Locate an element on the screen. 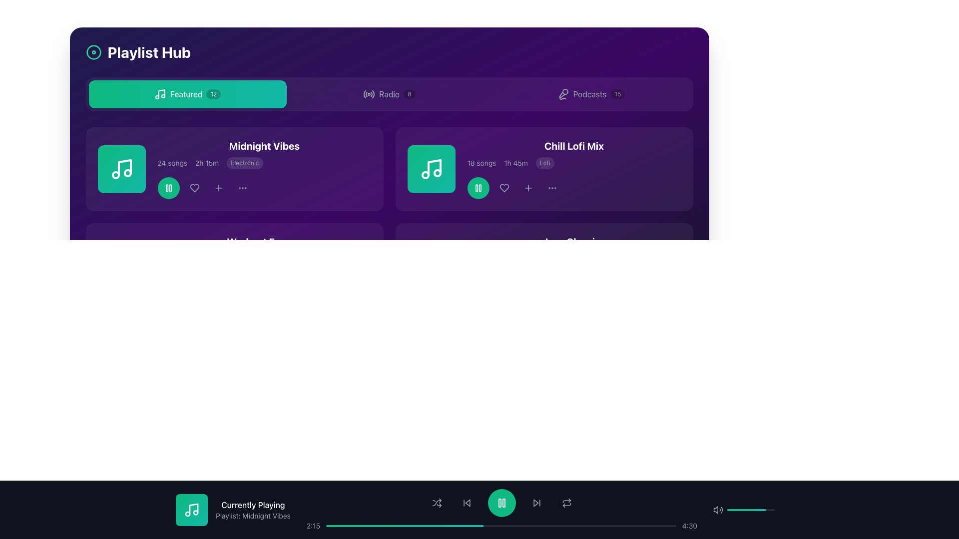 The image size is (959, 539). the text label that serves as the title for the associated playlist or category, positioned centrally beneath the 'Featured' section is located at coordinates (264, 242).